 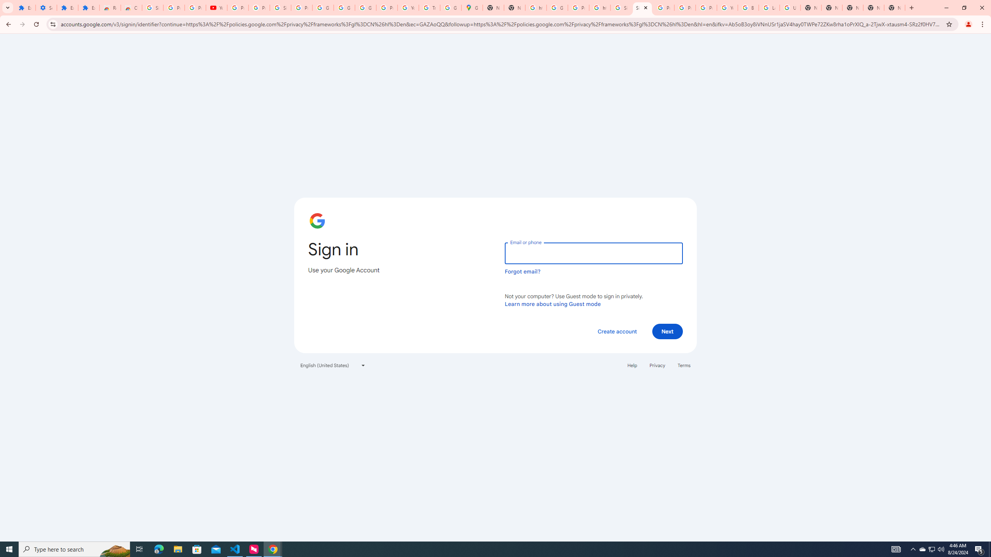 What do you see at coordinates (667, 331) in the screenshot?
I see `'Next'` at bounding box center [667, 331].